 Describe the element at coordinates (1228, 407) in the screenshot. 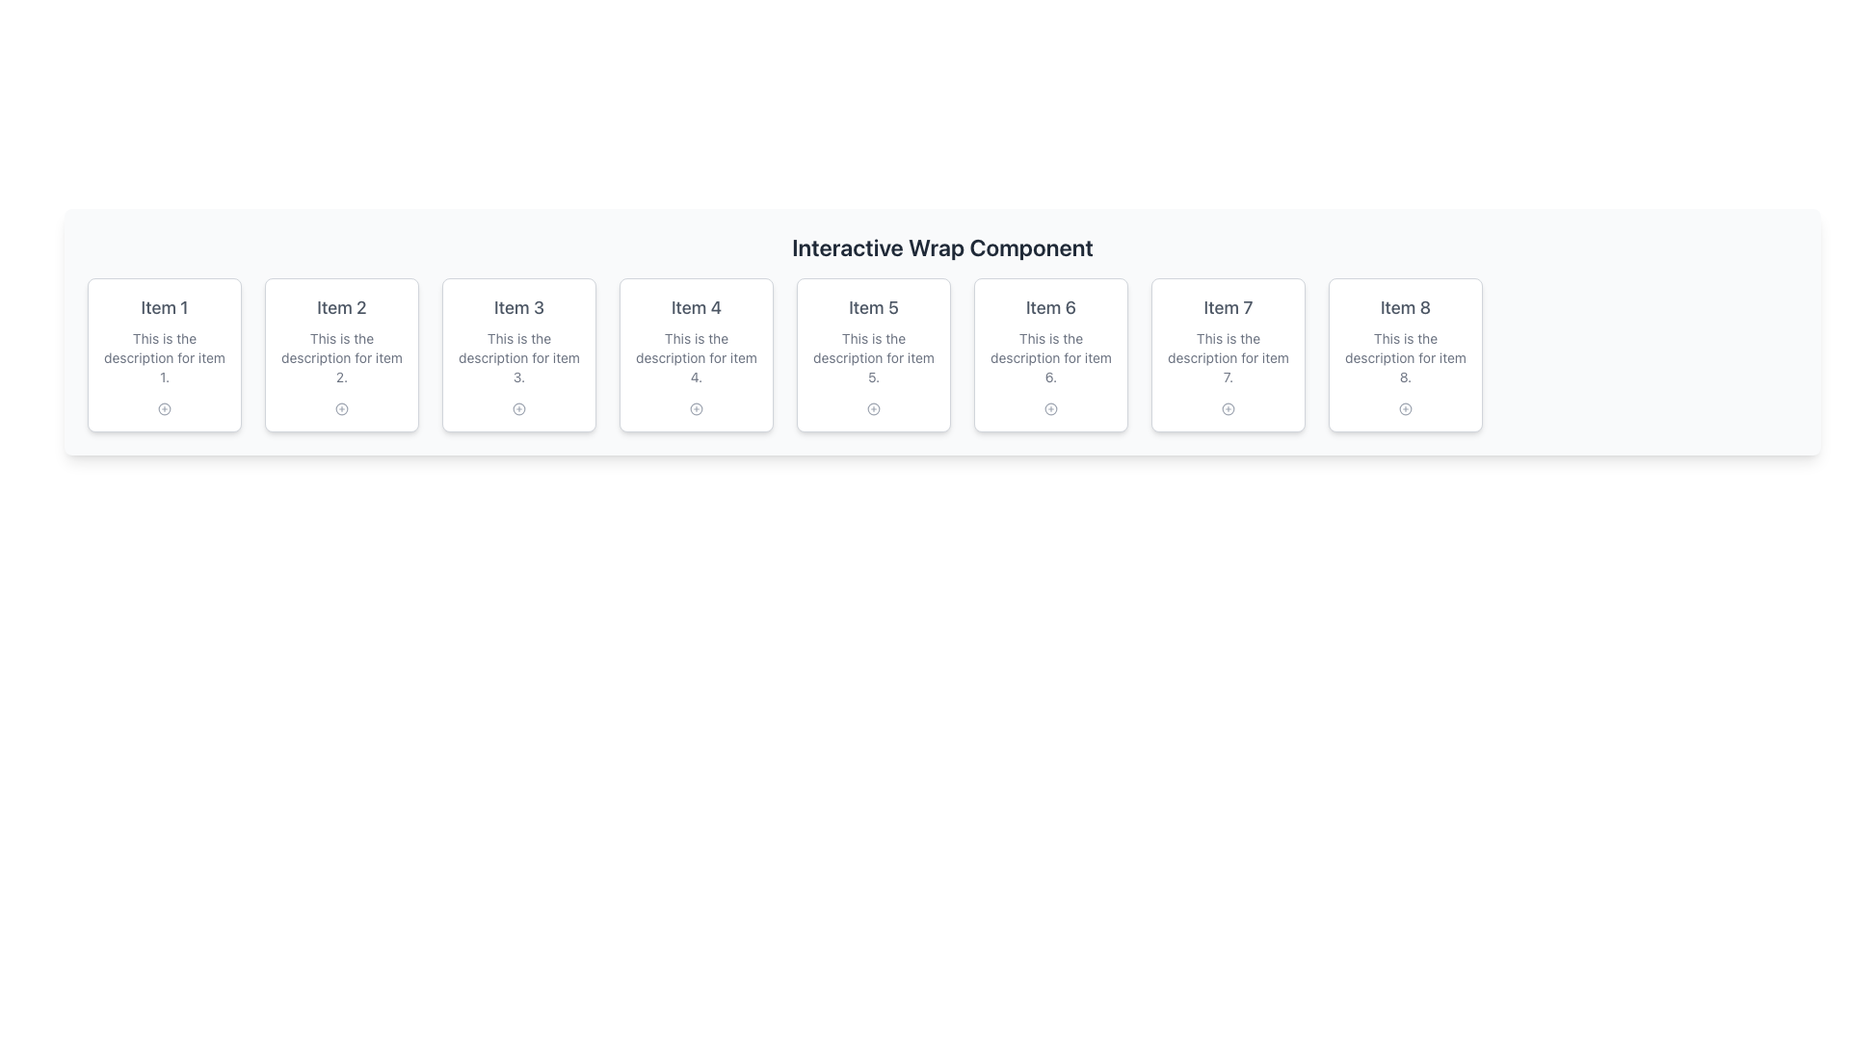

I see `the circular SVG graphic element located within the card labeled 'Item 7', which is the seventh card in a horizontal list` at that location.